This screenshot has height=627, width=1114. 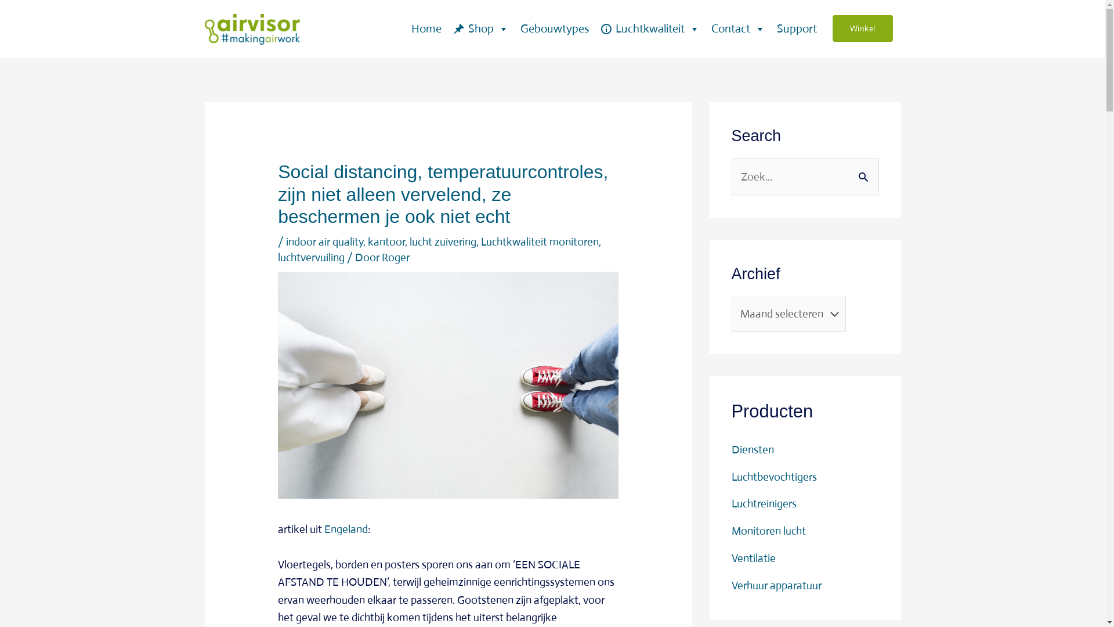 I want to click on 'lucht zuivering', so click(x=442, y=241).